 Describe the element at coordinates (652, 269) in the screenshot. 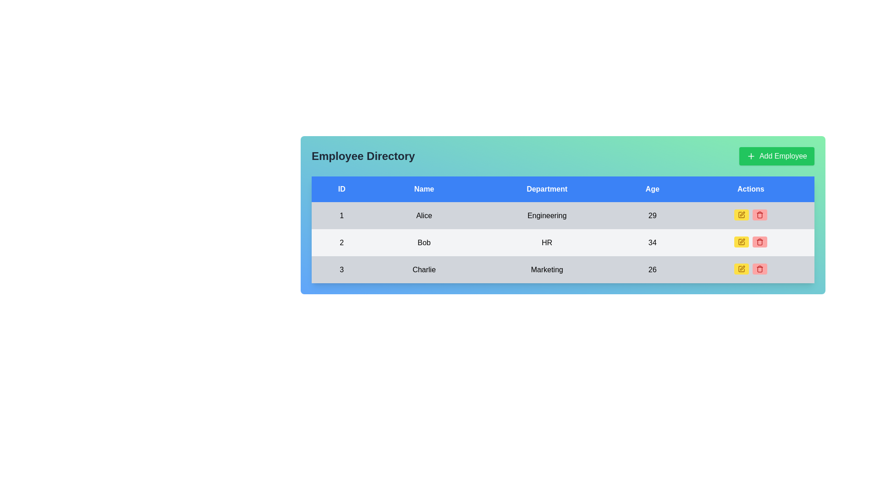

I see `the text label displaying the number '26' located in the fourth column of the third row of a table, which has a light gray background` at that location.